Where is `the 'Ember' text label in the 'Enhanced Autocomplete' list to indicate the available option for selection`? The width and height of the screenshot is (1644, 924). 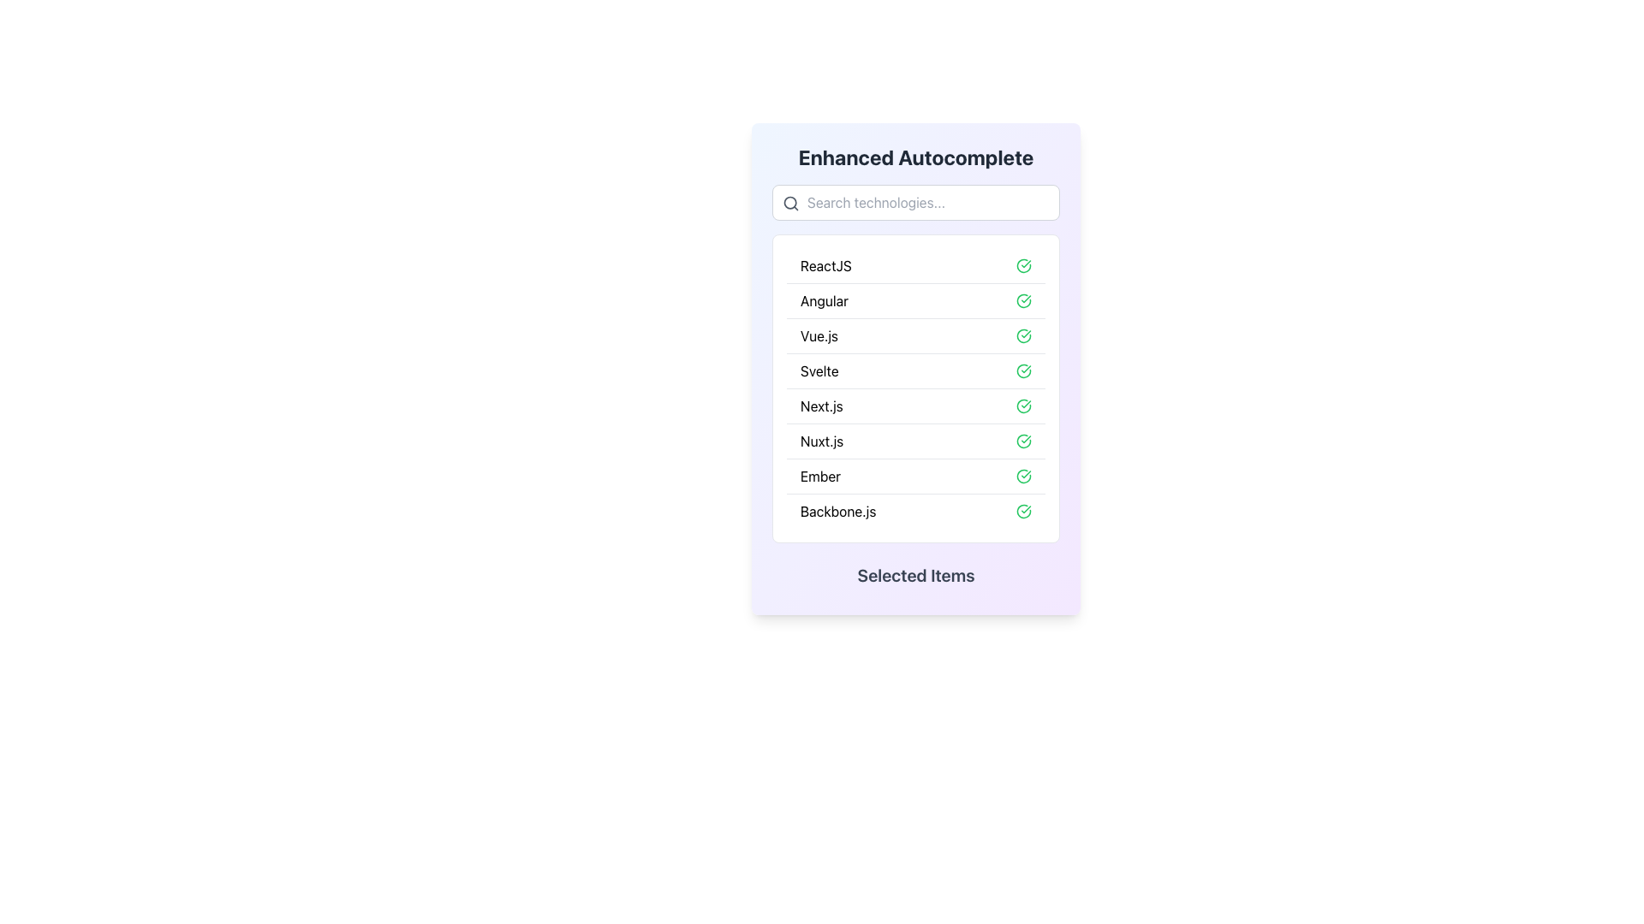
the 'Ember' text label in the 'Enhanced Autocomplete' list to indicate the available option for selection is located at coordinates (819, 476).